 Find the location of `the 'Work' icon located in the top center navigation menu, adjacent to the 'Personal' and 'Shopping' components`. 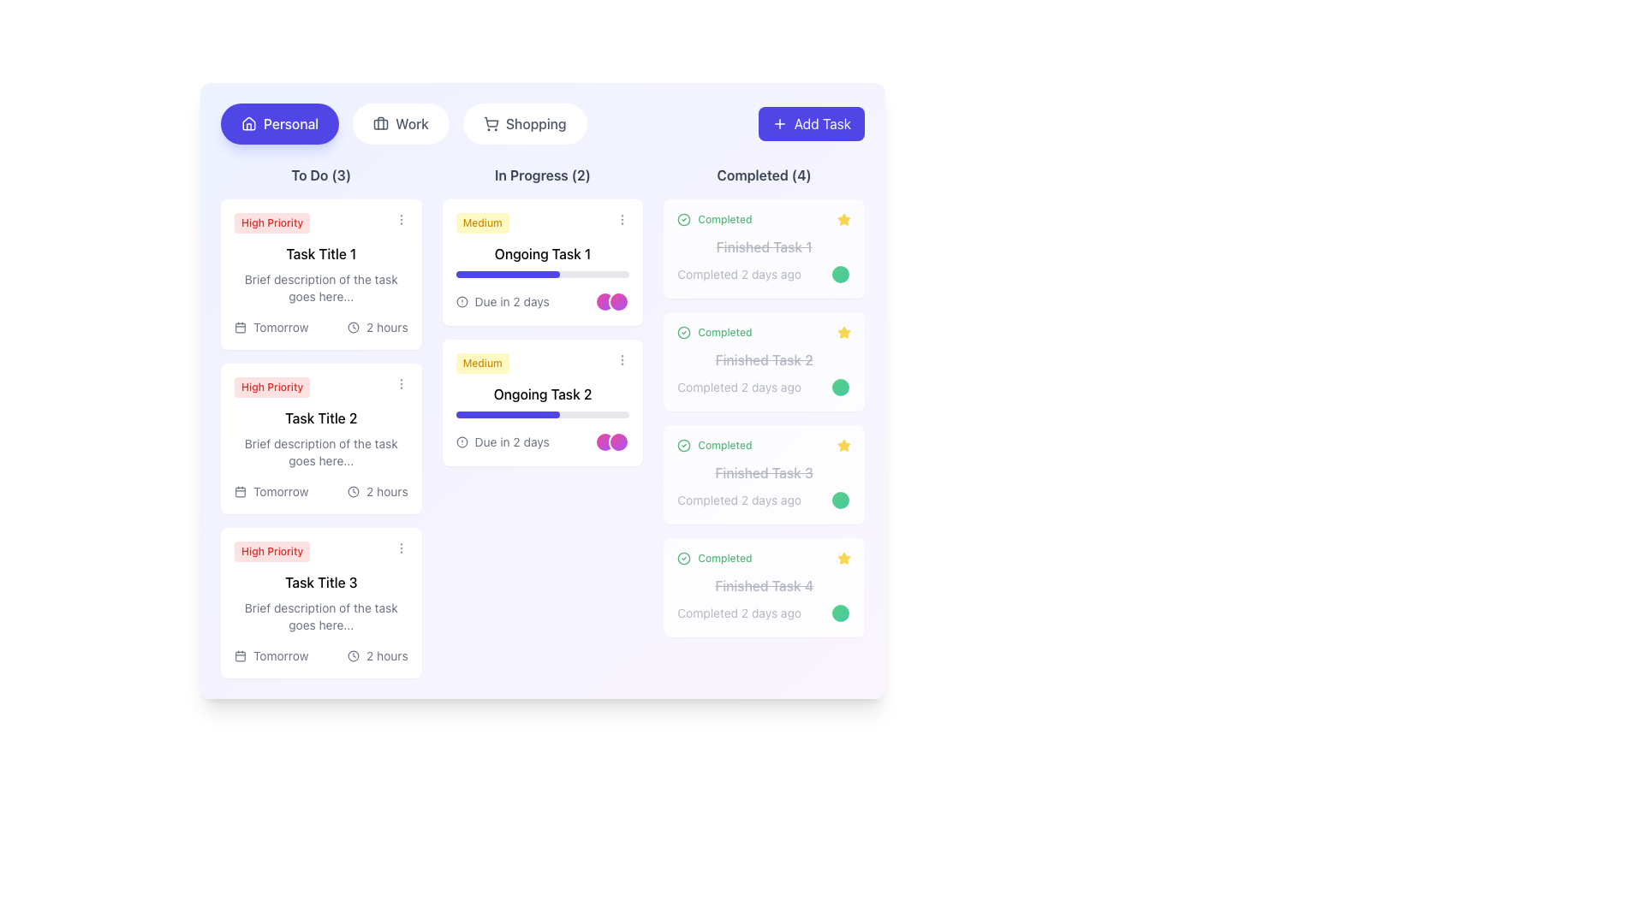

the 'Work' icon located in the top center navigation menu, adjacent to the 'Personal' and 'Shopping' components is located at coordinates (380, 123).